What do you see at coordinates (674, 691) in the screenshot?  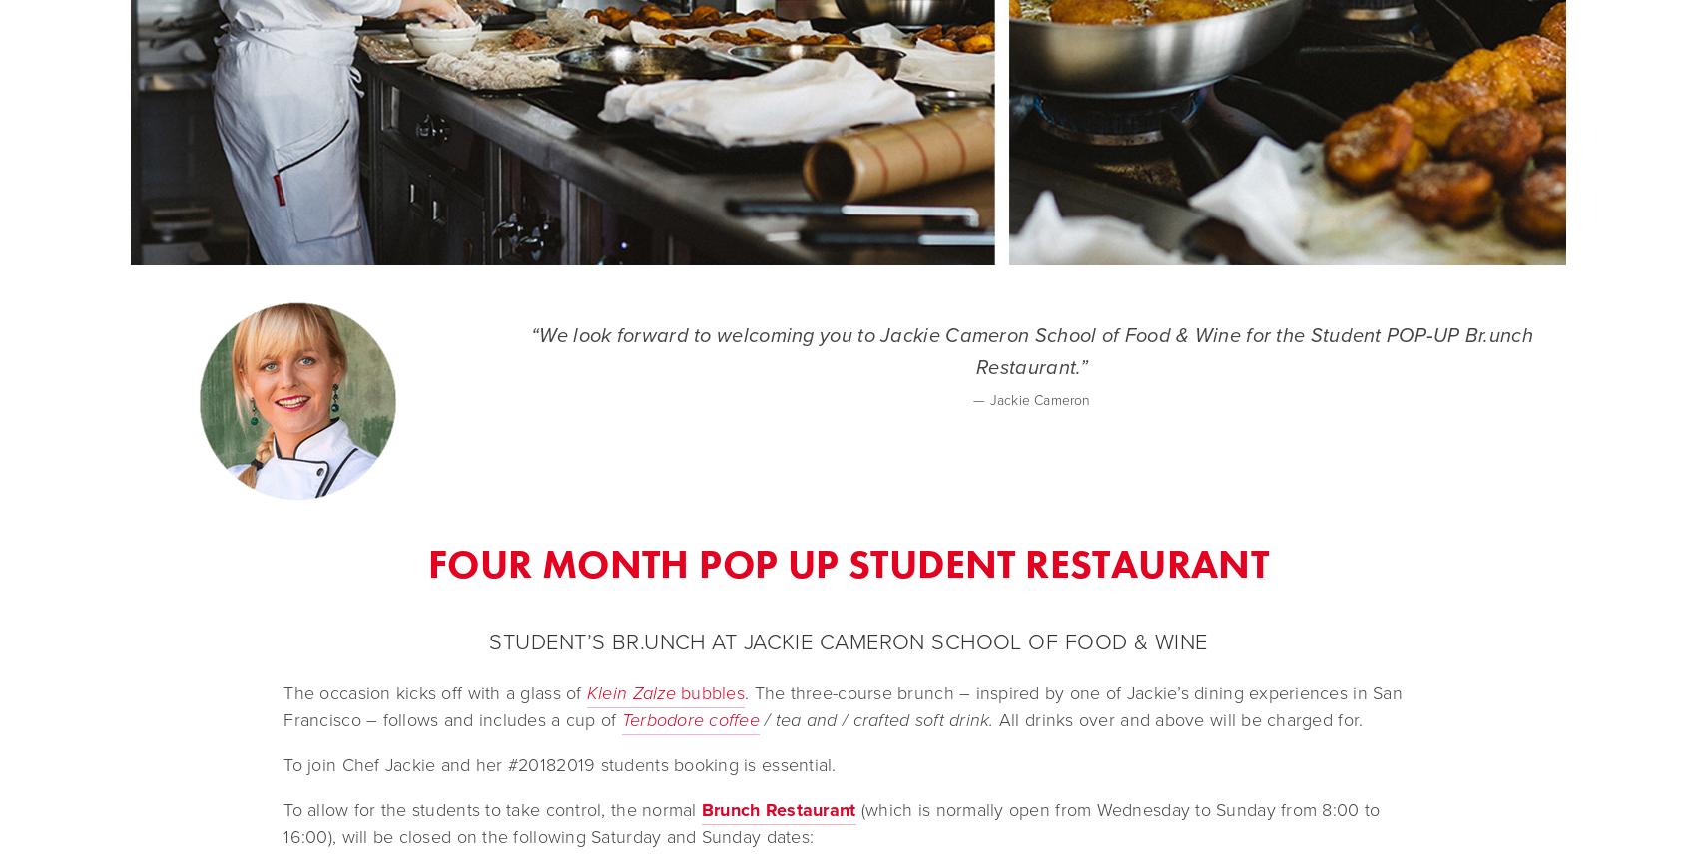 I see `'bubbles'` at bounding box center [674, 691].